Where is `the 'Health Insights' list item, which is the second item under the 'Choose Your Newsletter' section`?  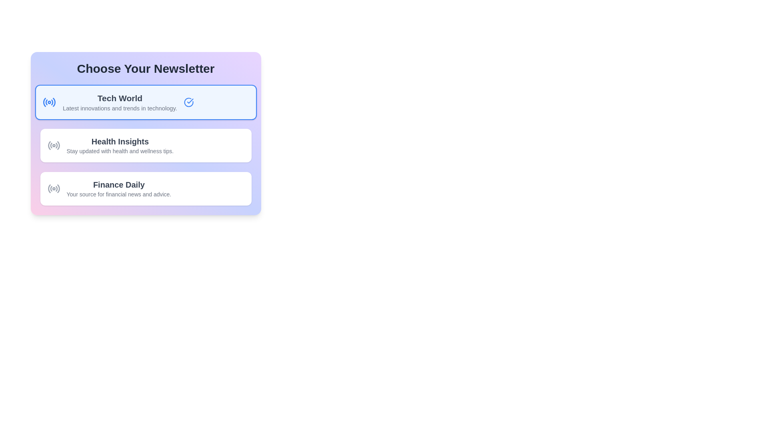
the 'Health Insights' list item, which is the second item under the 'Choose Your Newsletter' section is located at coordinates (146, 145).